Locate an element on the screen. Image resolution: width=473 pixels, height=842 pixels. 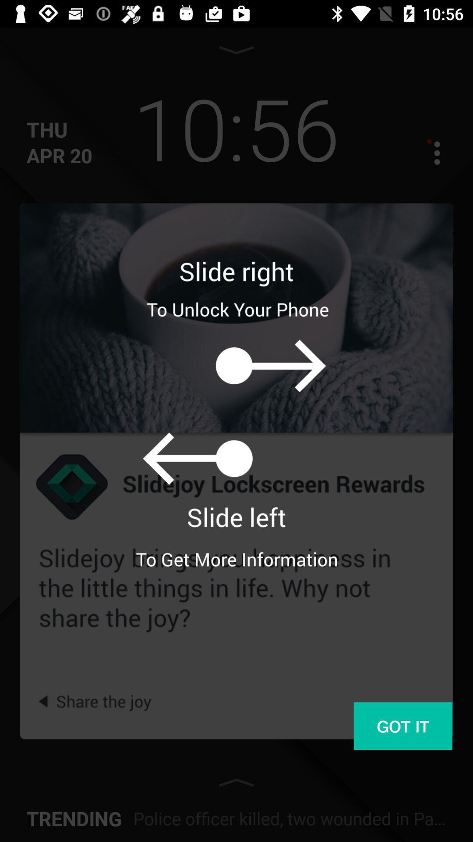
the more icon is located at coordinates (429, 153).